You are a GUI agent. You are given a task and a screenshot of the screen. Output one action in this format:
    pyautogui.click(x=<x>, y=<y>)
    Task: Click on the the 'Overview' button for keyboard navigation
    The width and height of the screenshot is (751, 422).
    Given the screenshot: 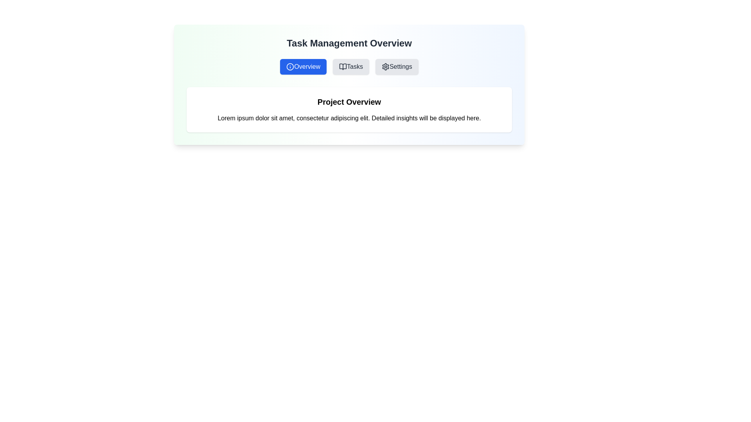 What is the action you would take?
    pyautogui.click(x=303, y=66)
    